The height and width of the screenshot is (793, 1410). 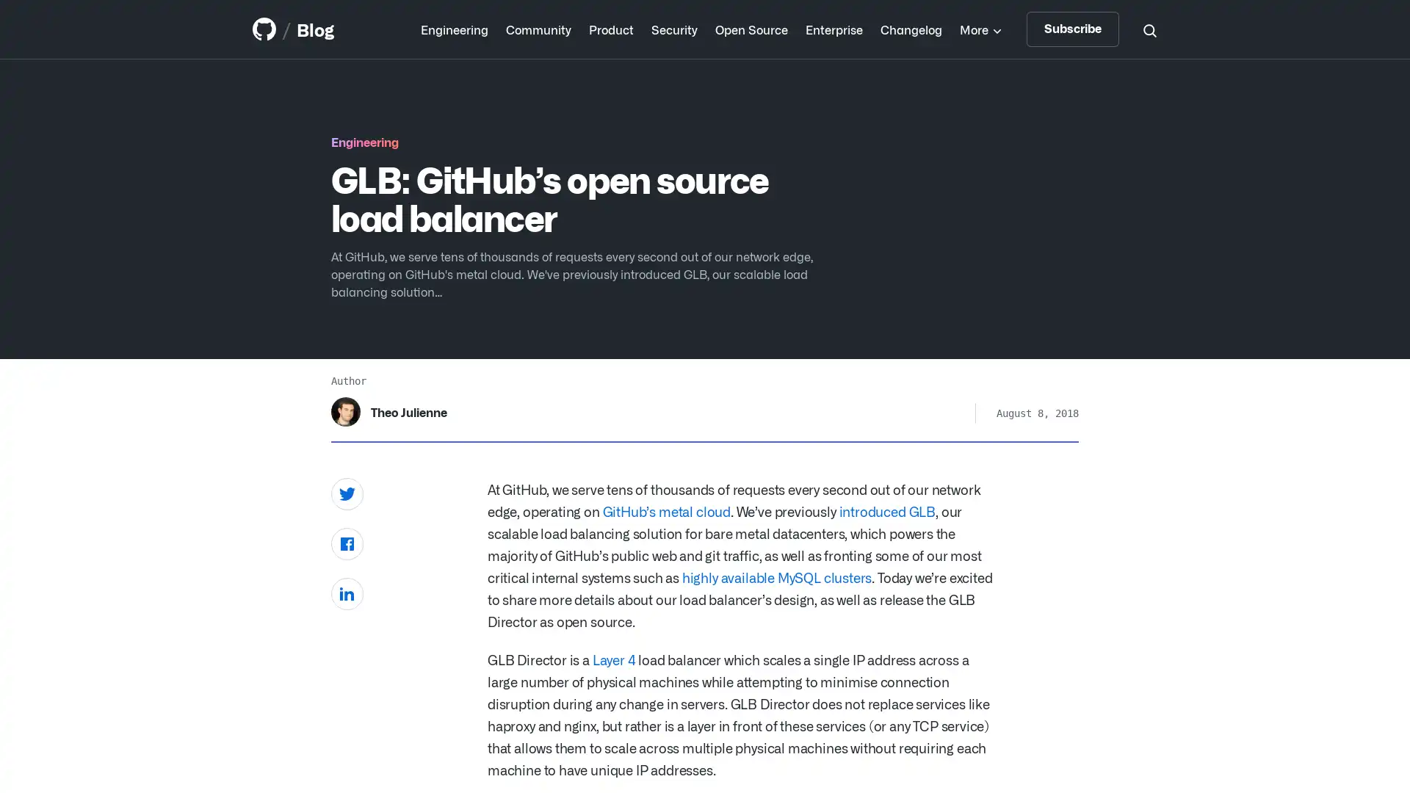 What do you see at coordinates (981, 28) in the screenshot?
I see `More` at bounding box center [981, 28].